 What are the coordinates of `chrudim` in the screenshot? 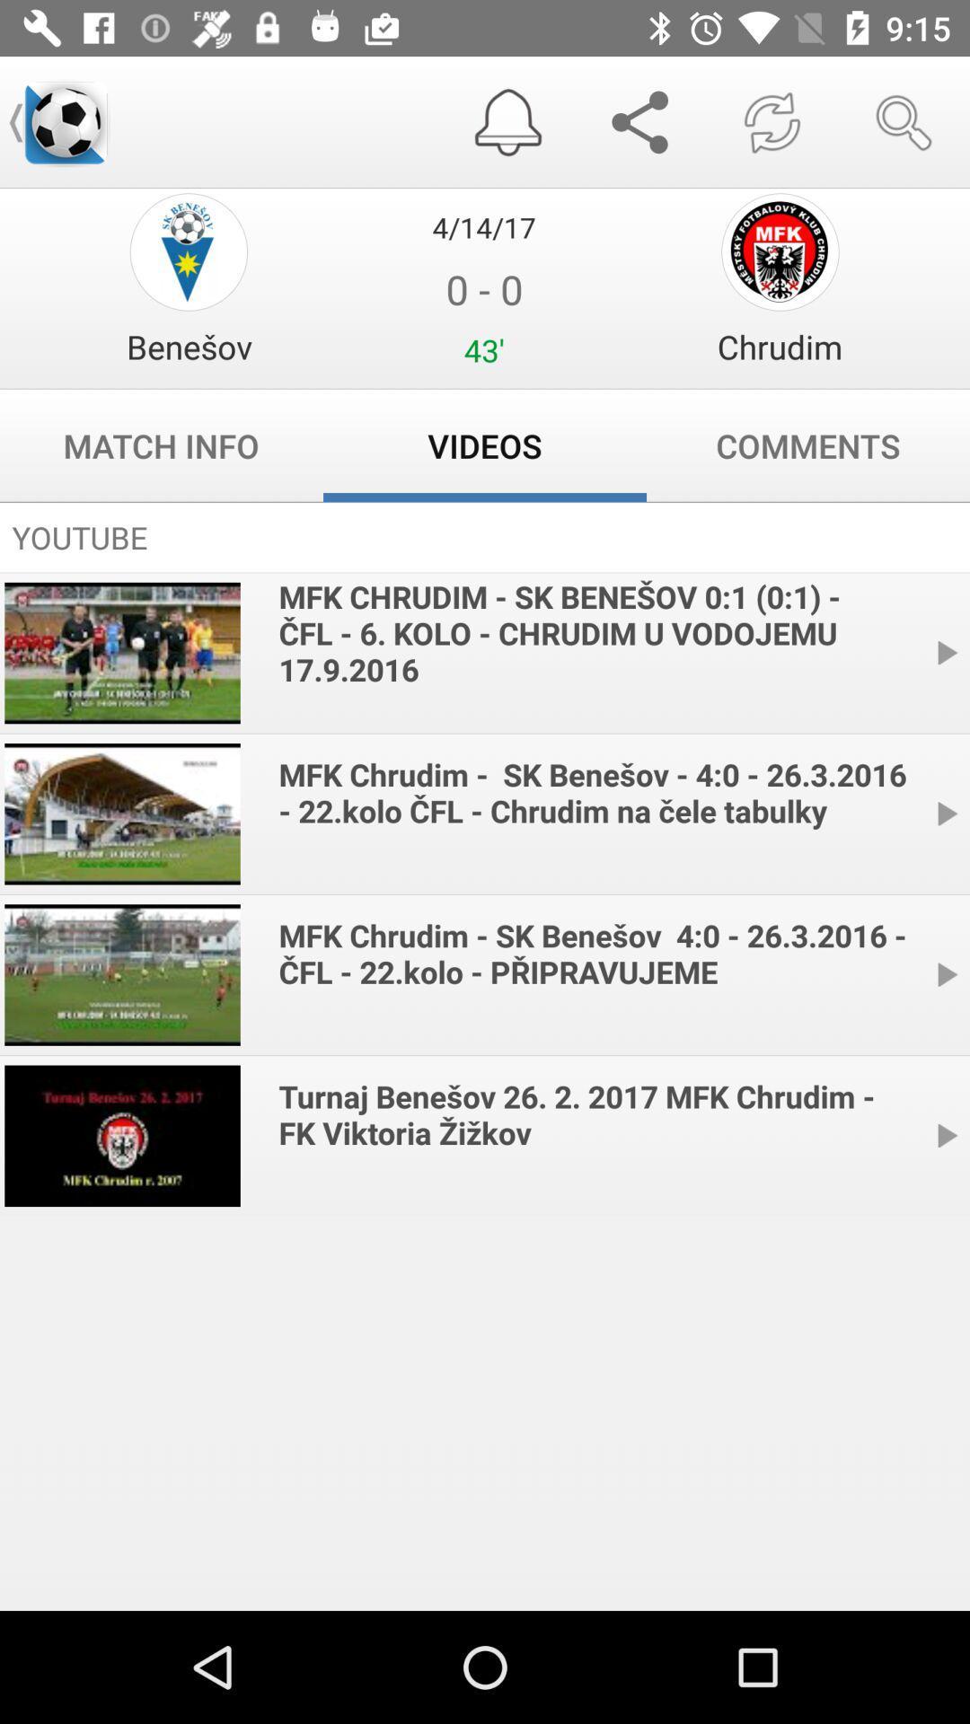 It's located at (779, 251).